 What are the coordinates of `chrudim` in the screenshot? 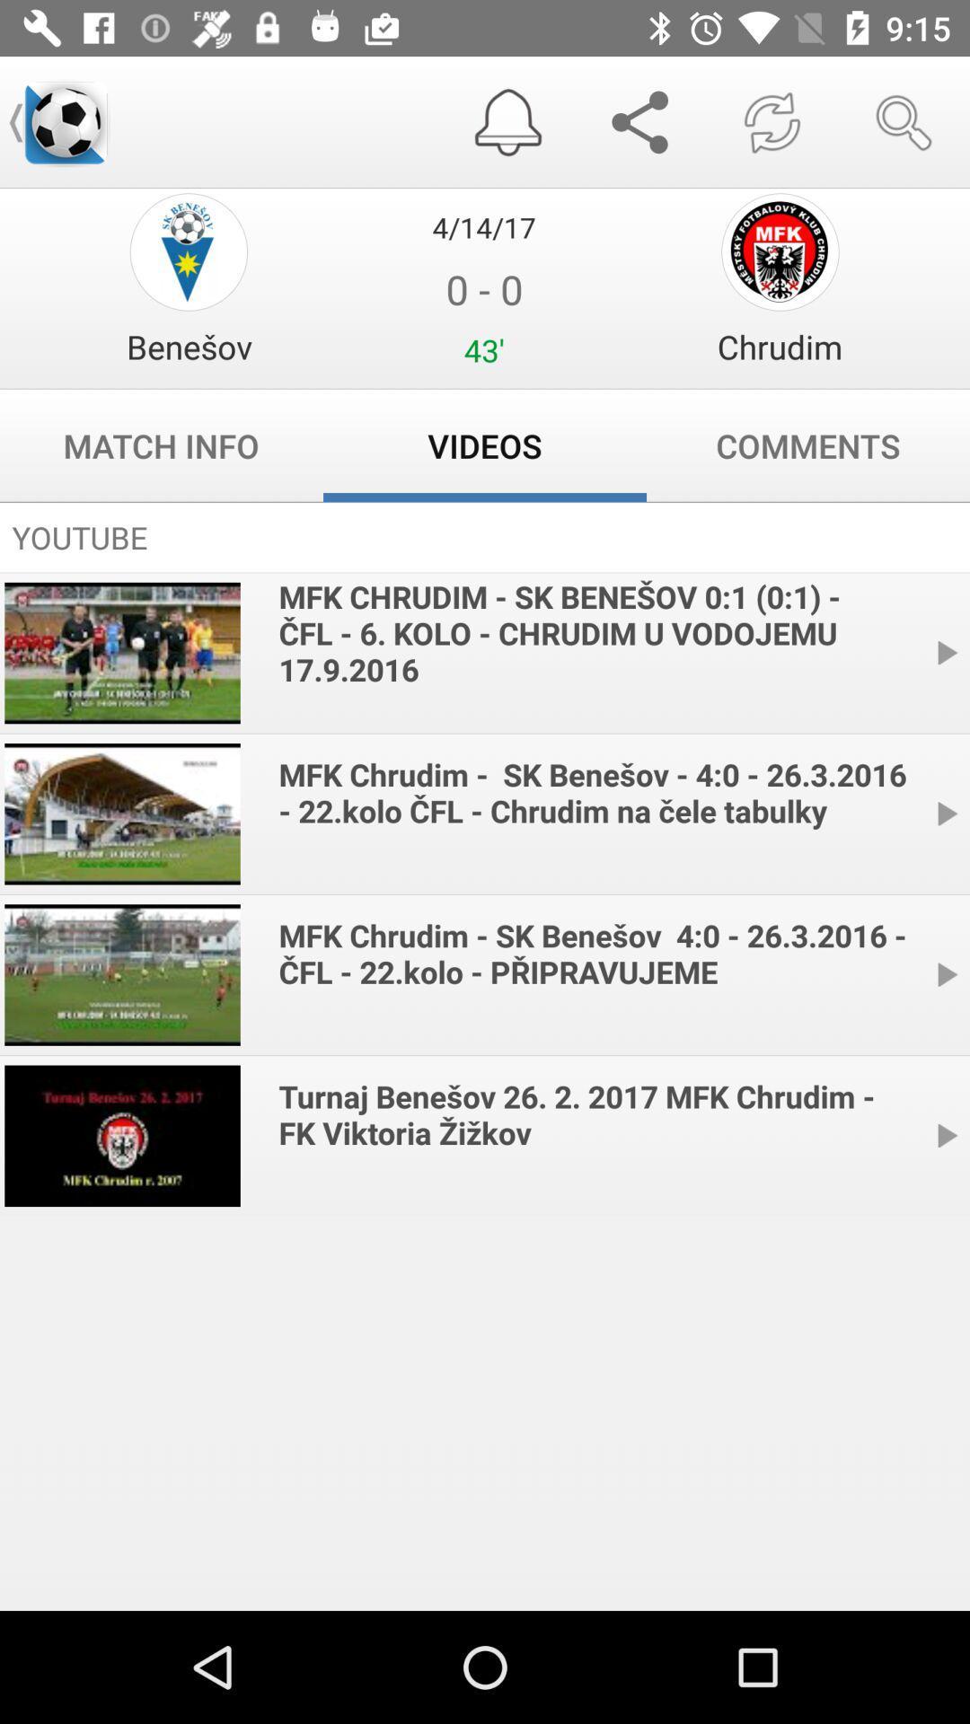 It's located at (779, 251).